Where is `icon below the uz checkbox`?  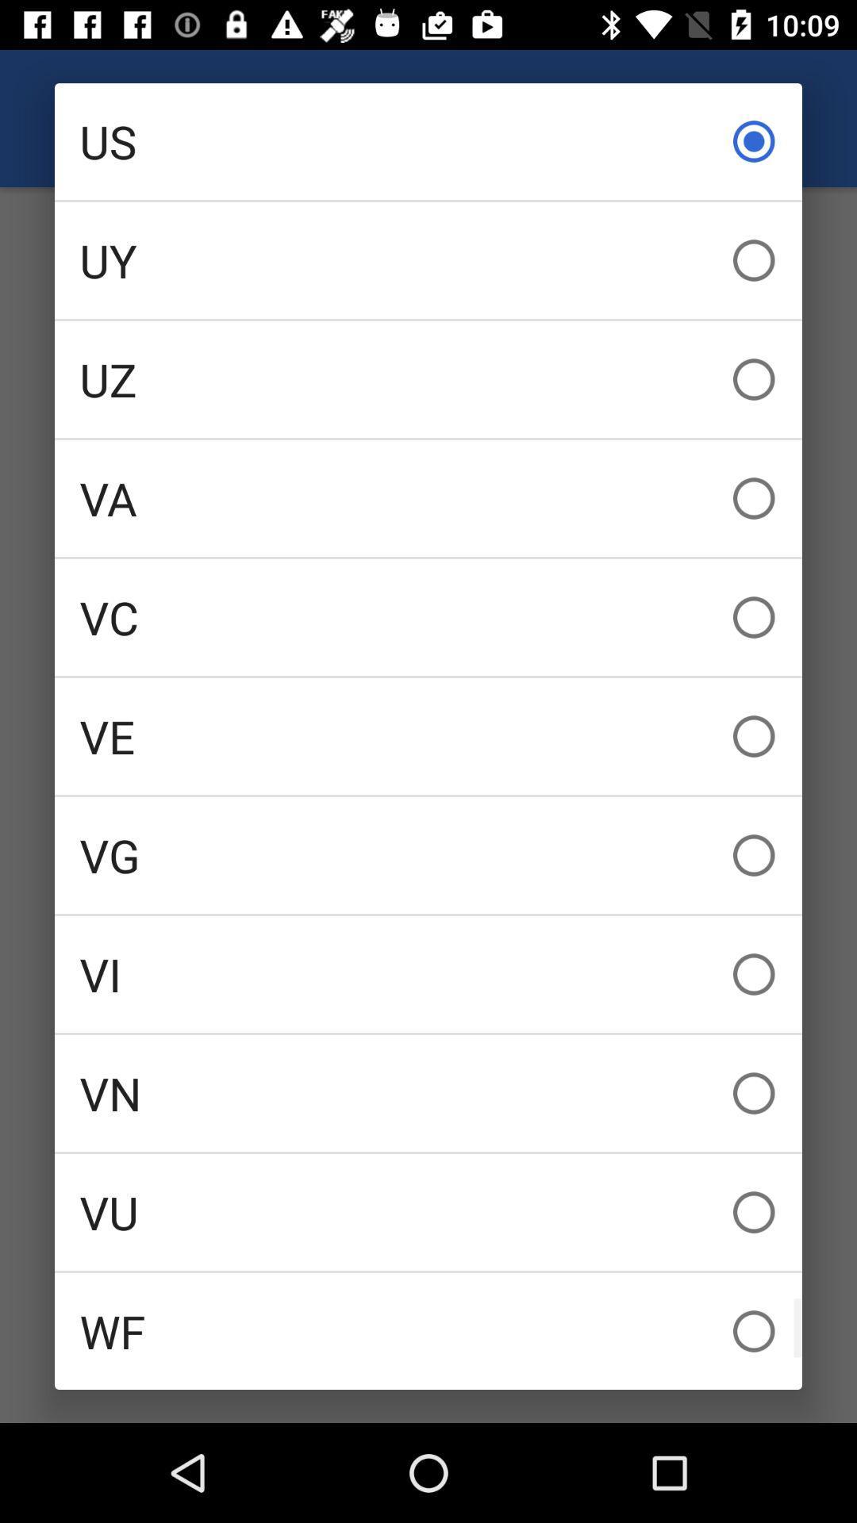
icon below the uz checkbox is located at coordinates (428, 497).